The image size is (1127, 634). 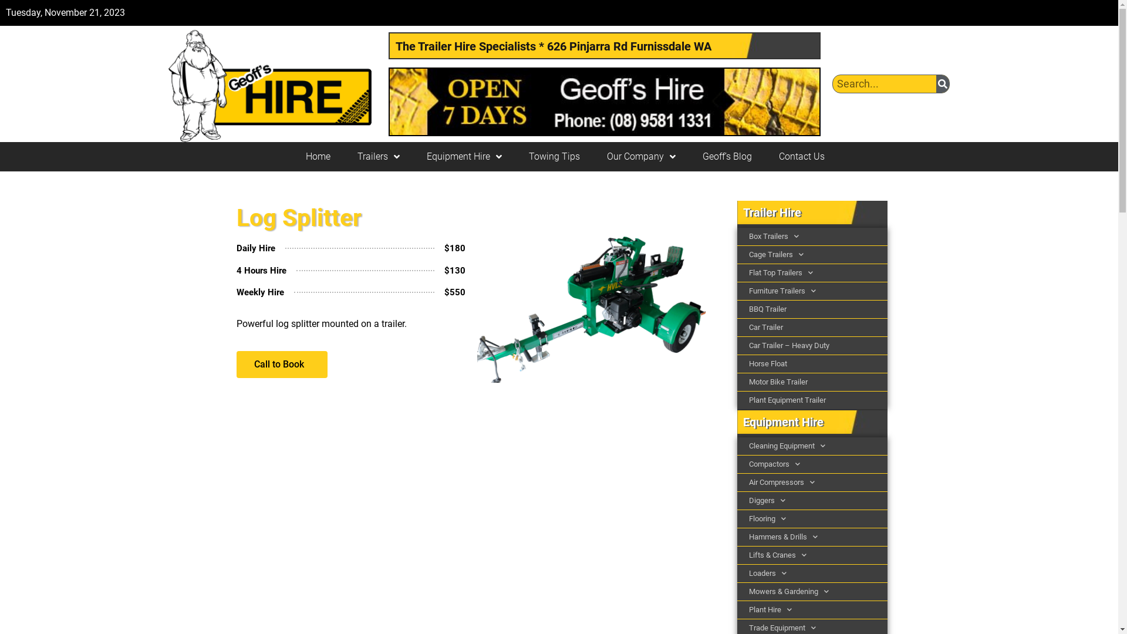 I want to click on 'Plant Equipment Trailer', so click(x=737, y=400).